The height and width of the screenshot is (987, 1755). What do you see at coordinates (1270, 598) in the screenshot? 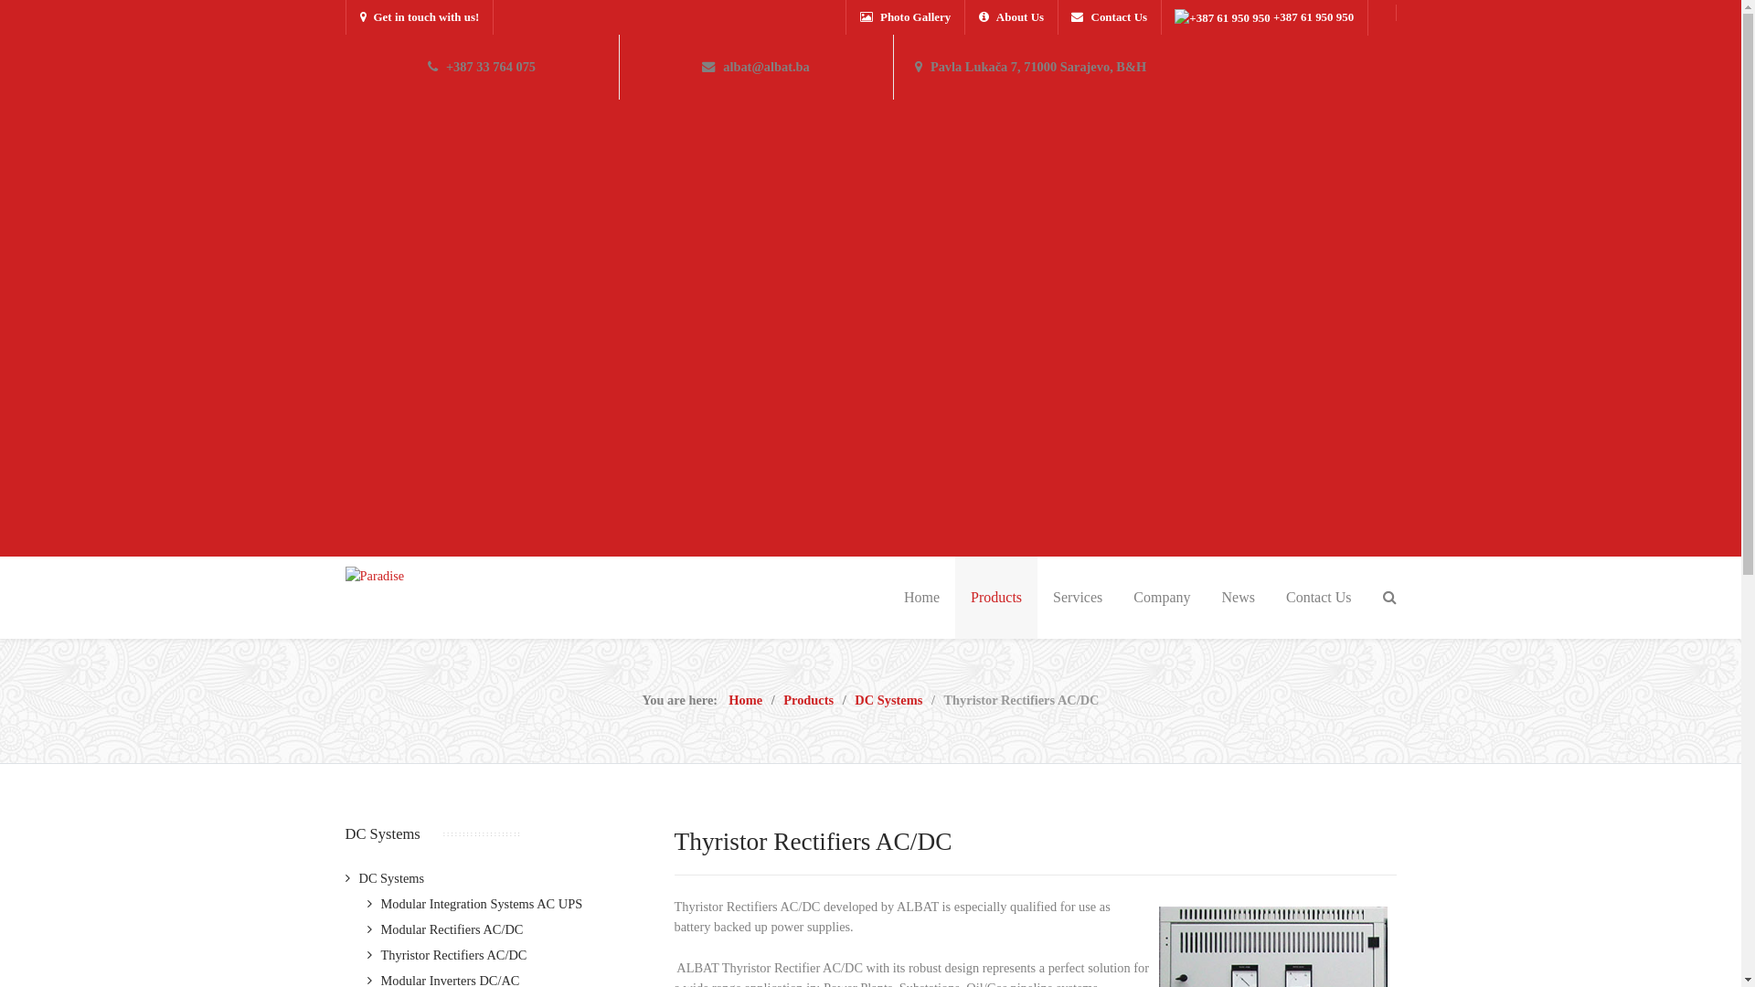
I see `'Contact Us'` at bounding box center [1270, 598].